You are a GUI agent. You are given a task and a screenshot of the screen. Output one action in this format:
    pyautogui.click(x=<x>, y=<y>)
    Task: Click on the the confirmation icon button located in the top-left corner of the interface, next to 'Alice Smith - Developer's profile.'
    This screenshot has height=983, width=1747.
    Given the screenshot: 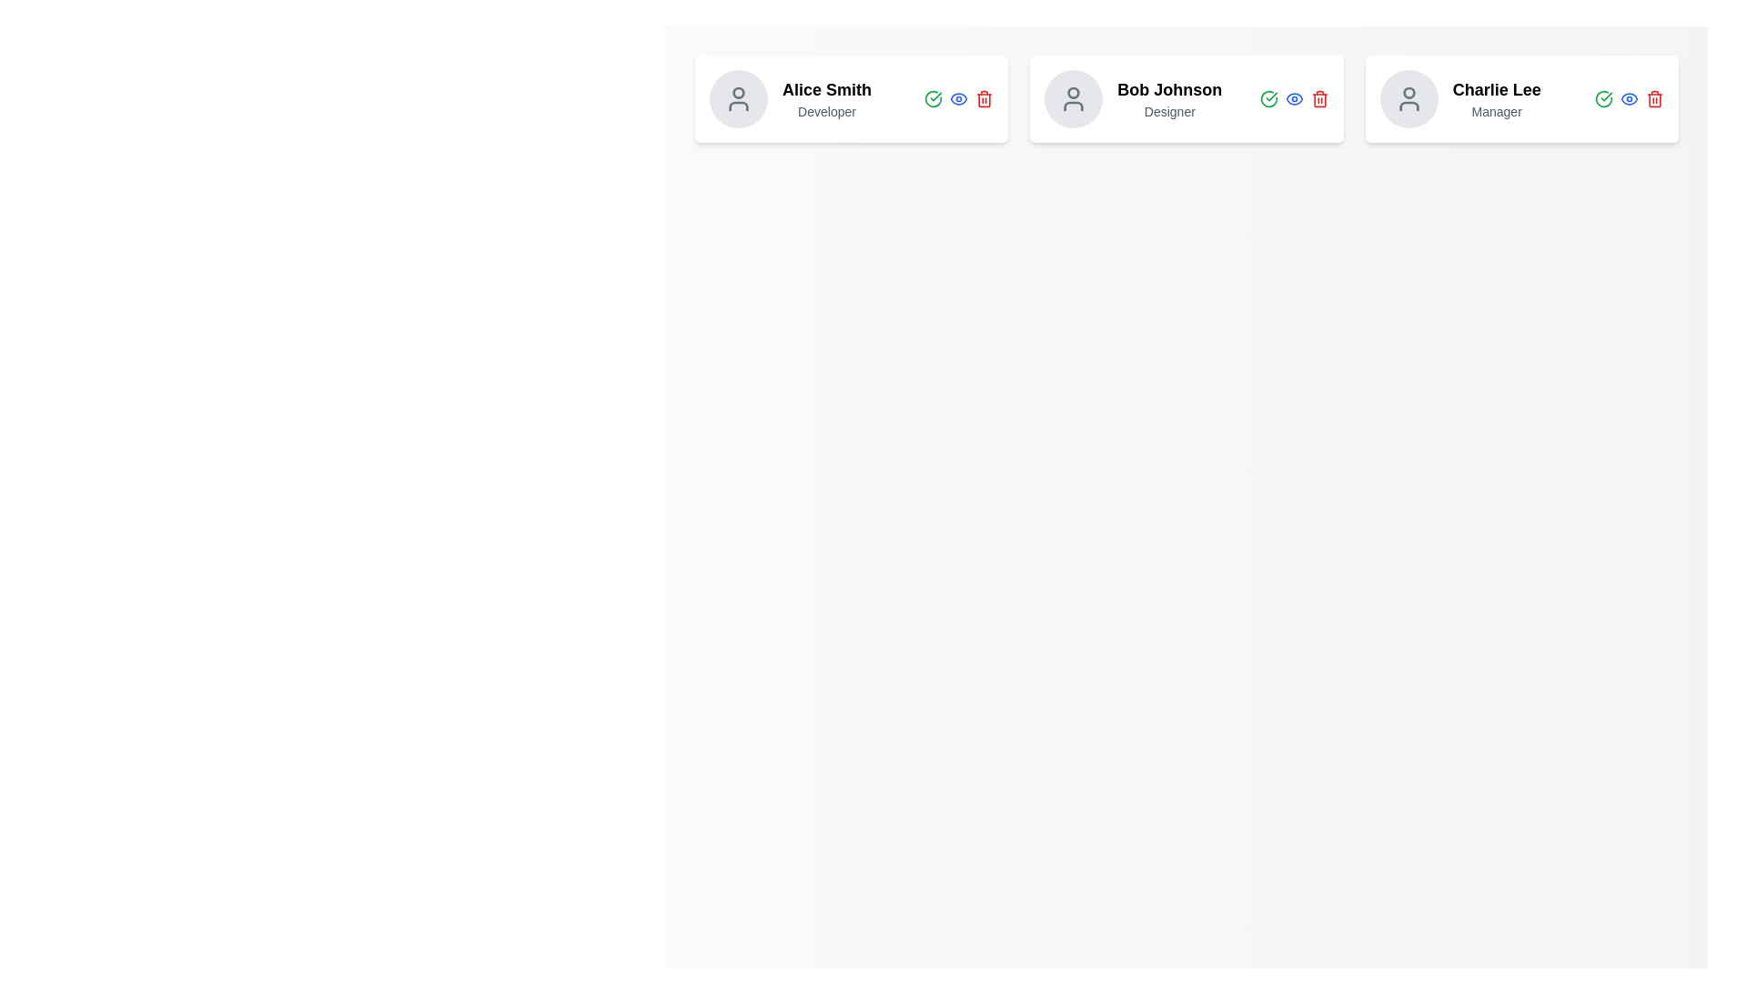 What is the action you would take?
    pyautogui.click(x=934, y=98)
    